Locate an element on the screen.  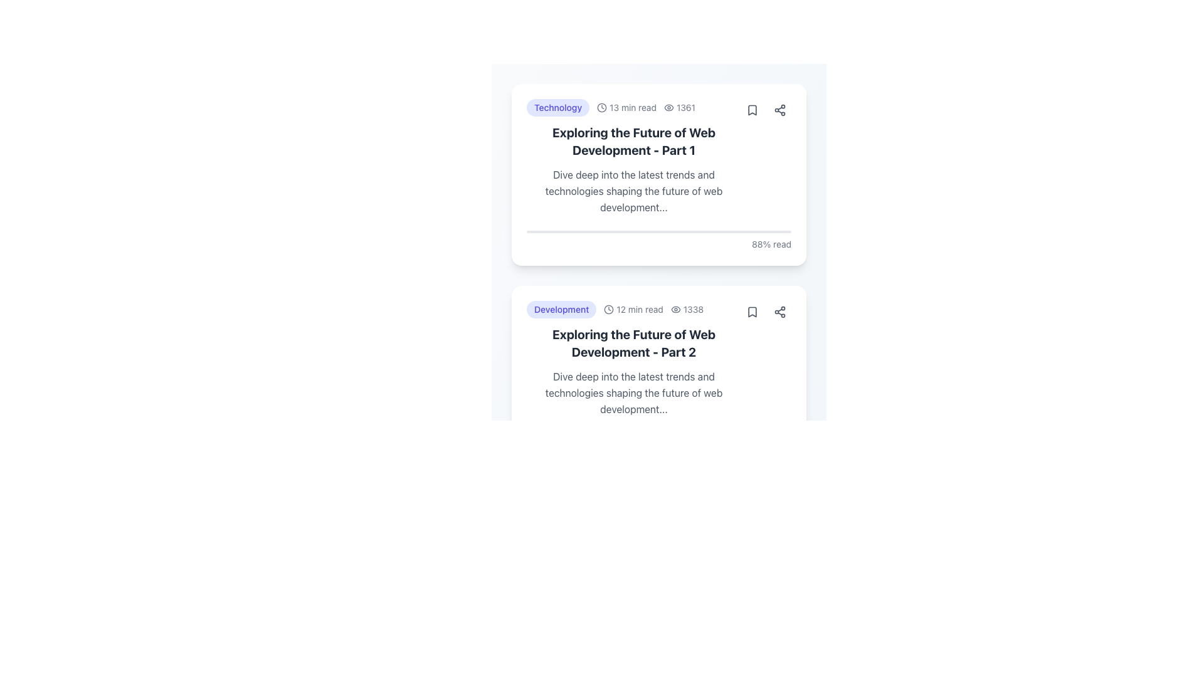
clock icon representing the reading time for the article located in the second card from the top, after the label 'Development' and before the text '12 min read' is located at coordinates (609, 309).